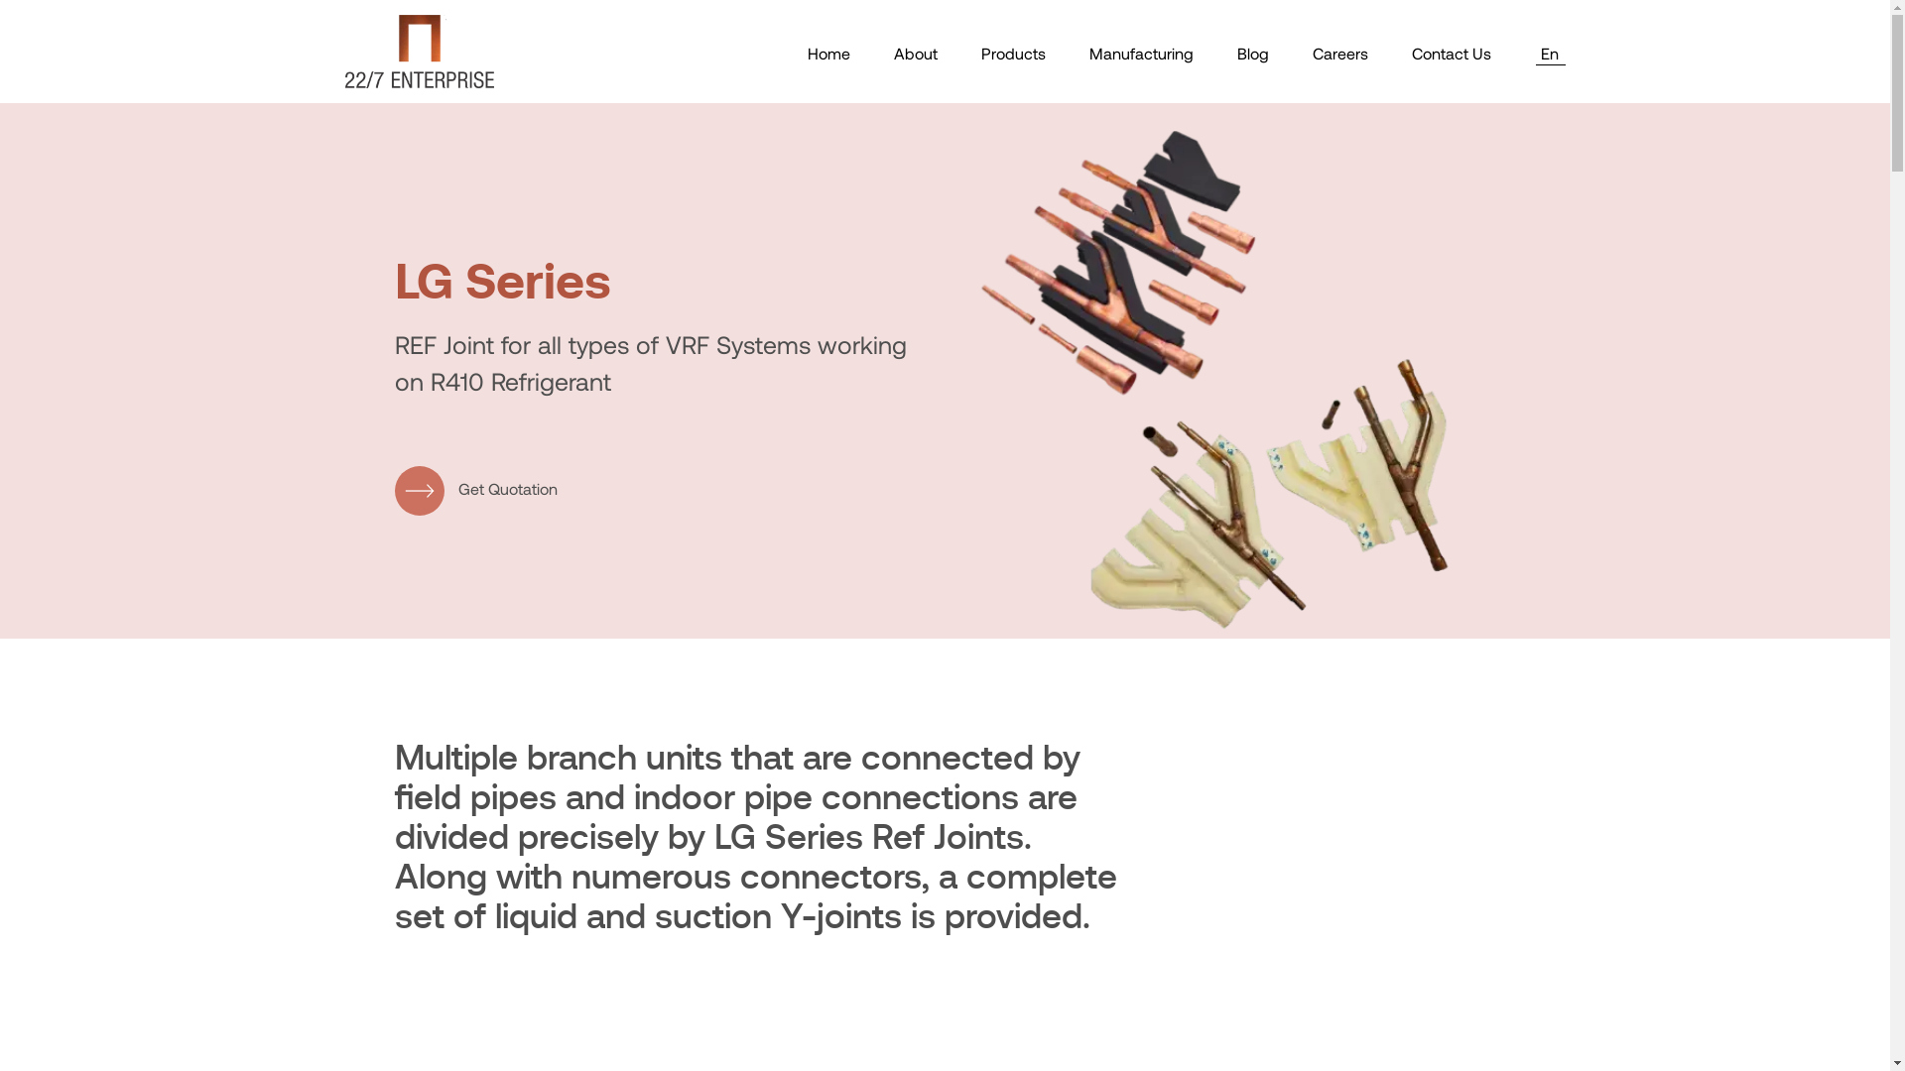 The height and width of the screenshot is (1071, 1905). I want to click on 'Manufacturing', so click(1141, 52).